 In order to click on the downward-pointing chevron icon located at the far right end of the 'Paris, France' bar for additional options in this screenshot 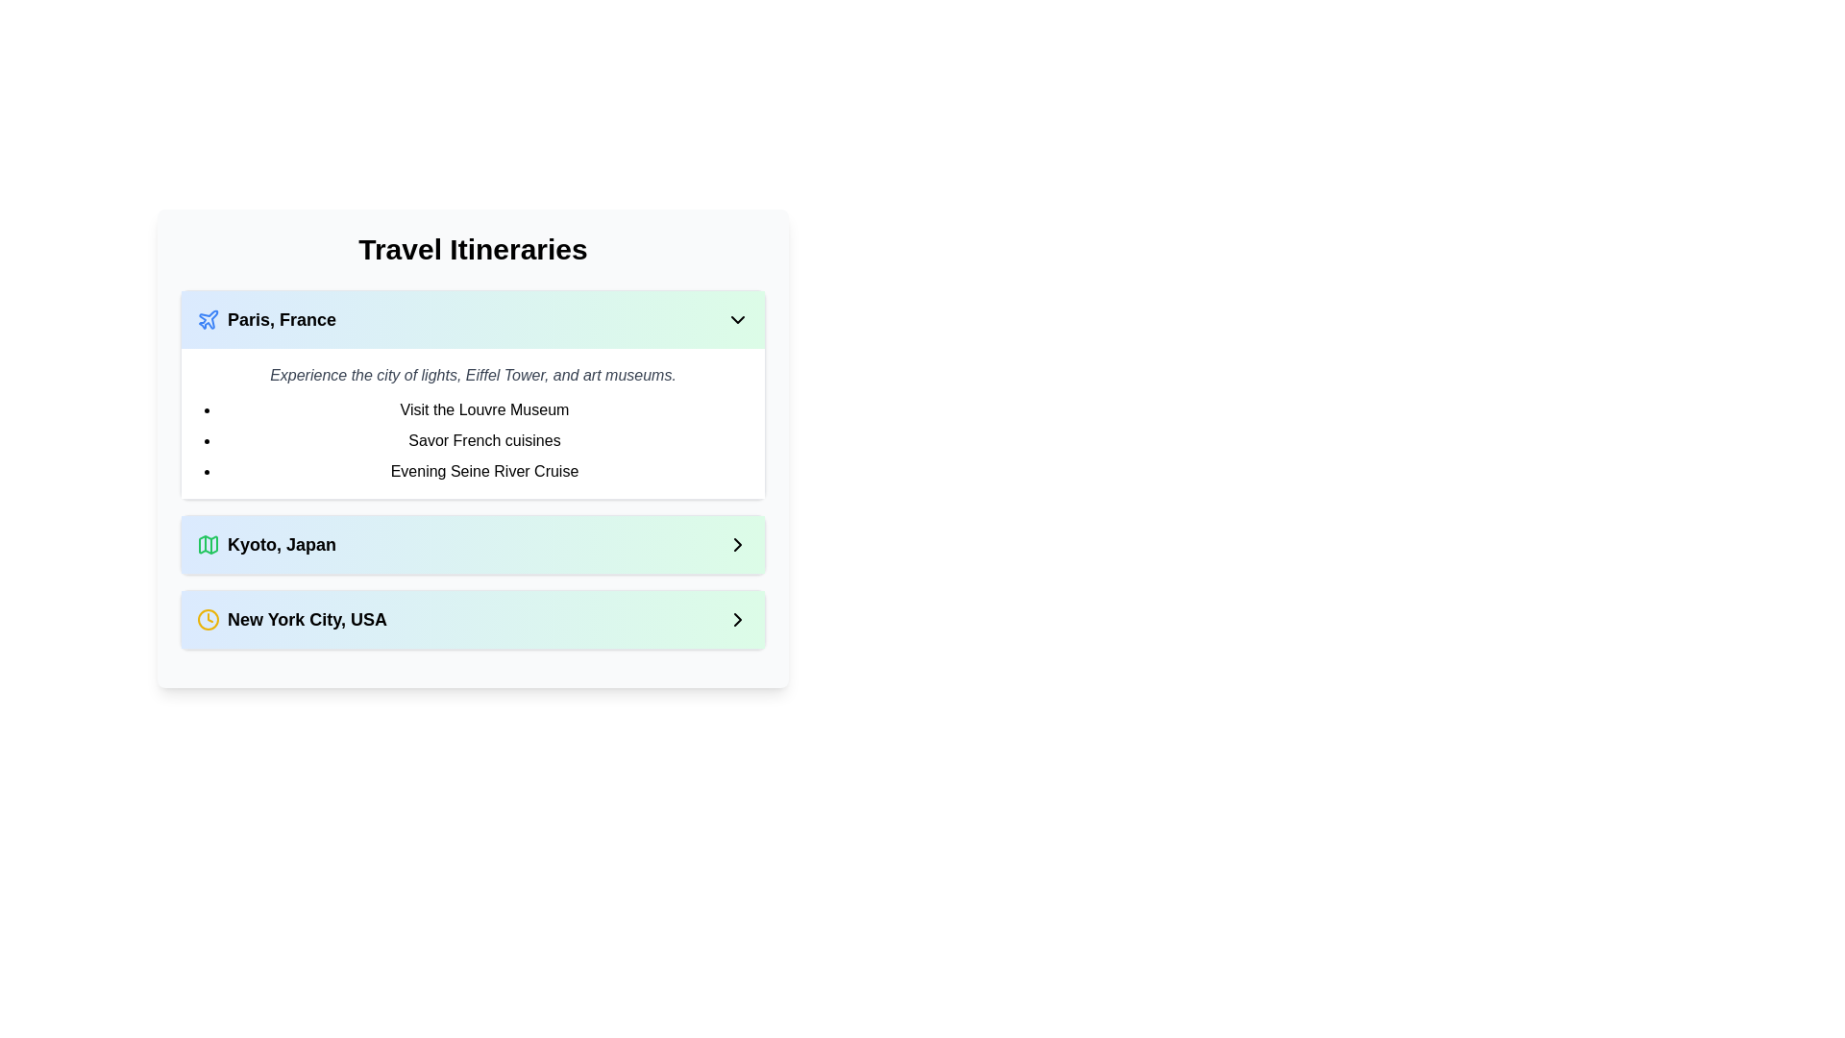, I will do `click(737, 318)`.